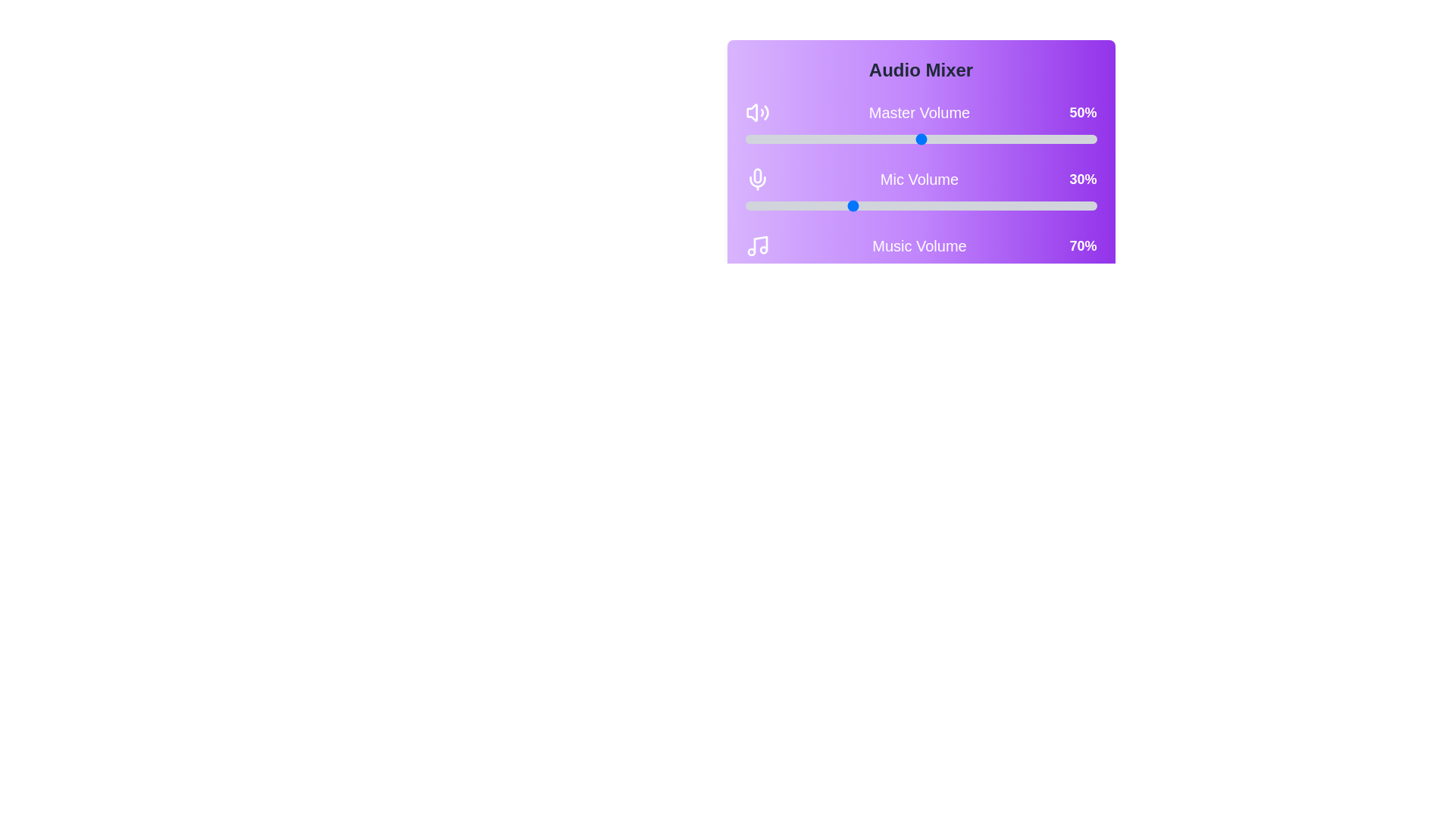  I want to click on the 'Master Volume' label and its current value '50%', so click(920, 112).